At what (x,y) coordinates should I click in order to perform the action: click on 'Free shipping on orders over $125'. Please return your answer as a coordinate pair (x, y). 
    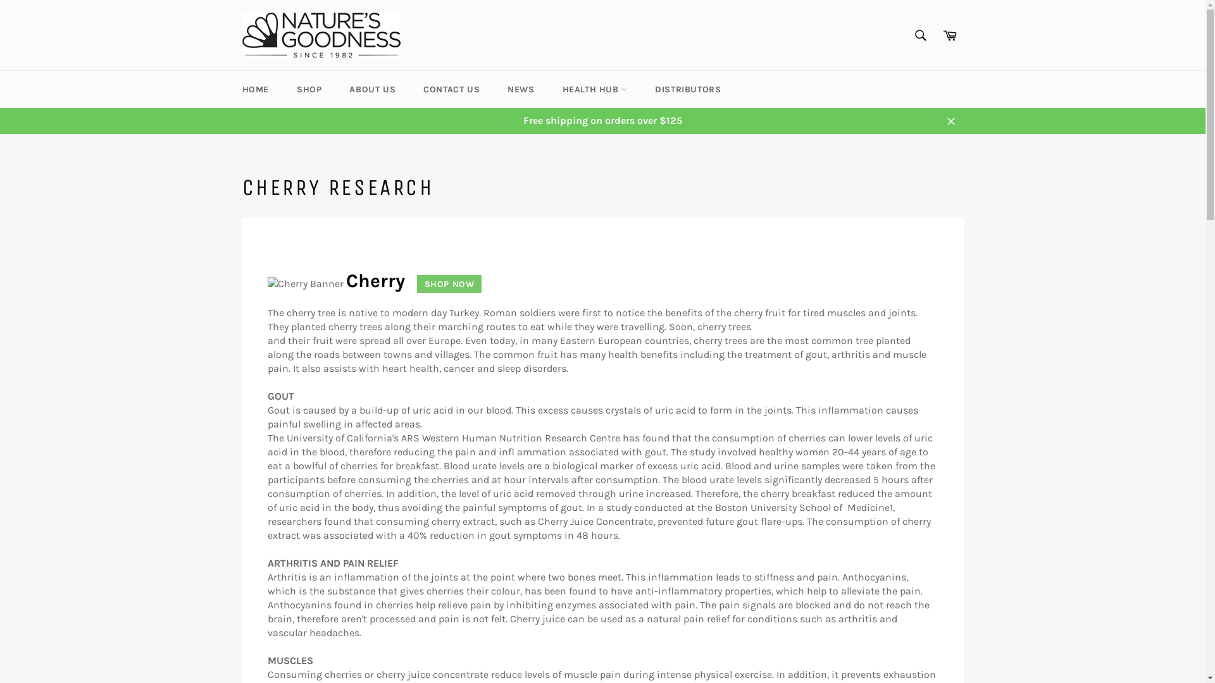
    Looking at the image, I should click on (601, 121).